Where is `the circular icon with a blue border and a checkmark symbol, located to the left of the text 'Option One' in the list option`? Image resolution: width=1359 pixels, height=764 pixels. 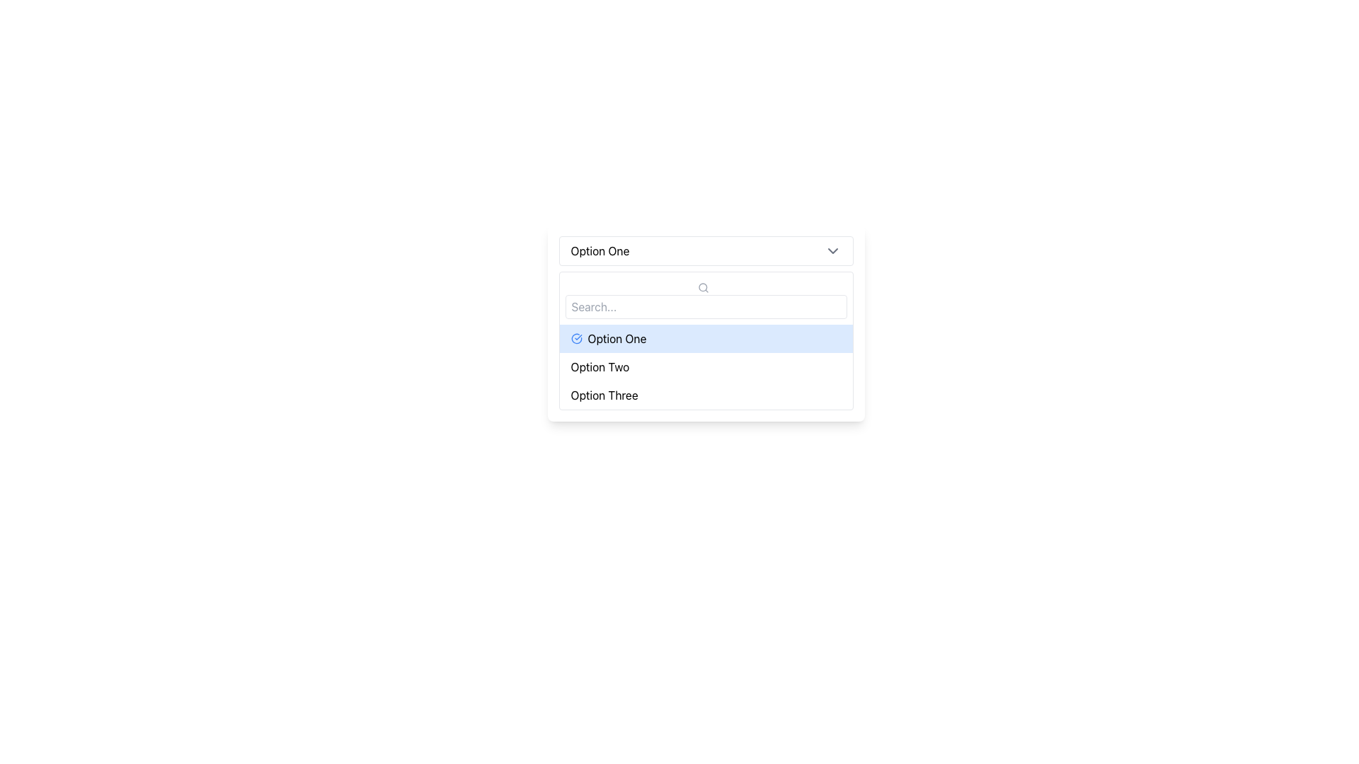 the circular icon with a blue border and a checkmark symbol, located to the left of the text 'Option One' in the list option is located at coordinates (576, 338).